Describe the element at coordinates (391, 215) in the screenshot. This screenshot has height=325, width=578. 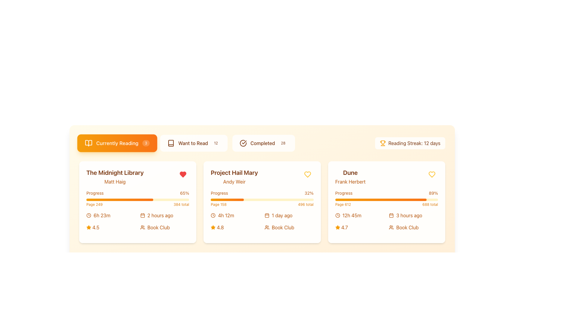
I see `the calendar SVG icon located near the text '3 hours ago' under the 'Dune' book item` at that location.